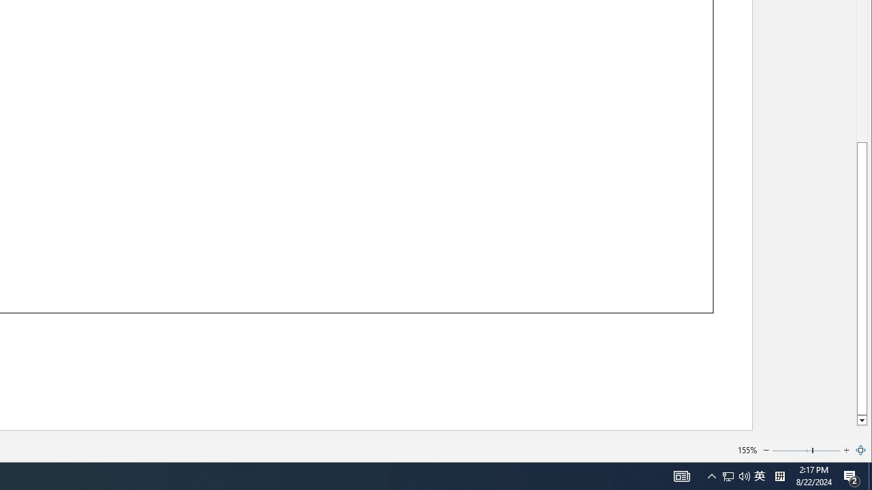  Describe the element at coordinates (681, 475) in the screenshot. I see `'AutomationID: 4105'` at that location.